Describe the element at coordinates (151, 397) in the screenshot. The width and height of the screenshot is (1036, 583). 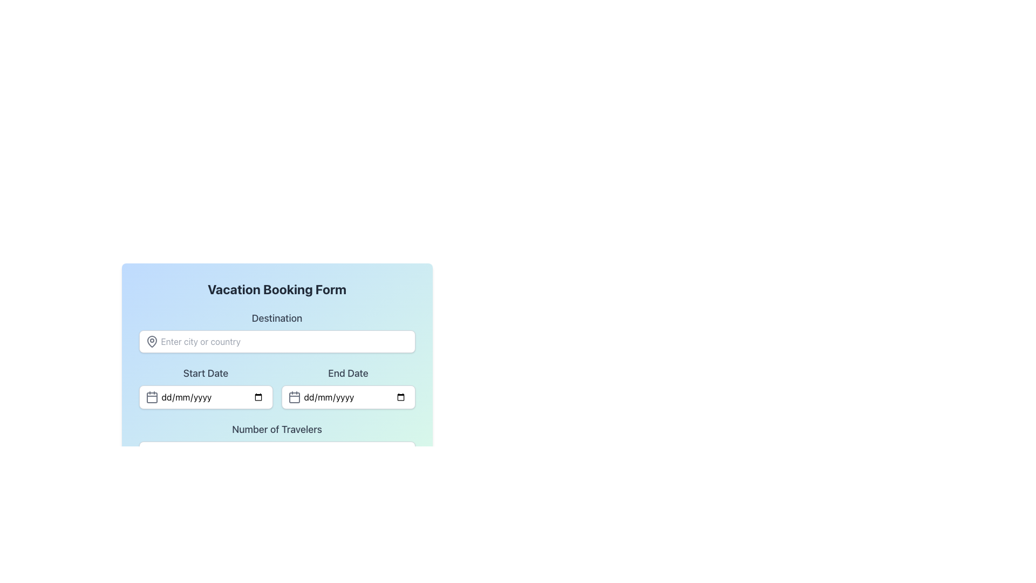
I see `the calendar icon located to the far left of the 'Start Date' input field, which features a modern gray design with thin lines` at that location.